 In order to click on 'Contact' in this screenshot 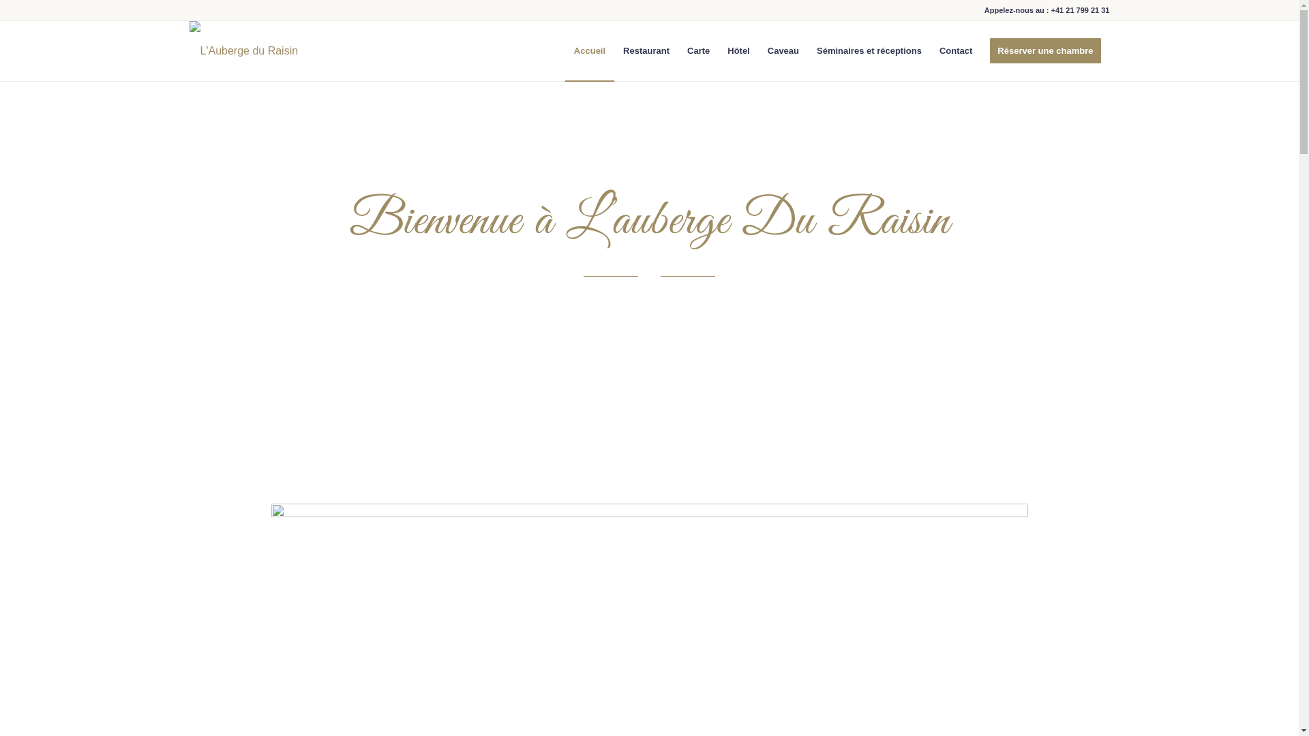, I will do `click(954, 50)`.